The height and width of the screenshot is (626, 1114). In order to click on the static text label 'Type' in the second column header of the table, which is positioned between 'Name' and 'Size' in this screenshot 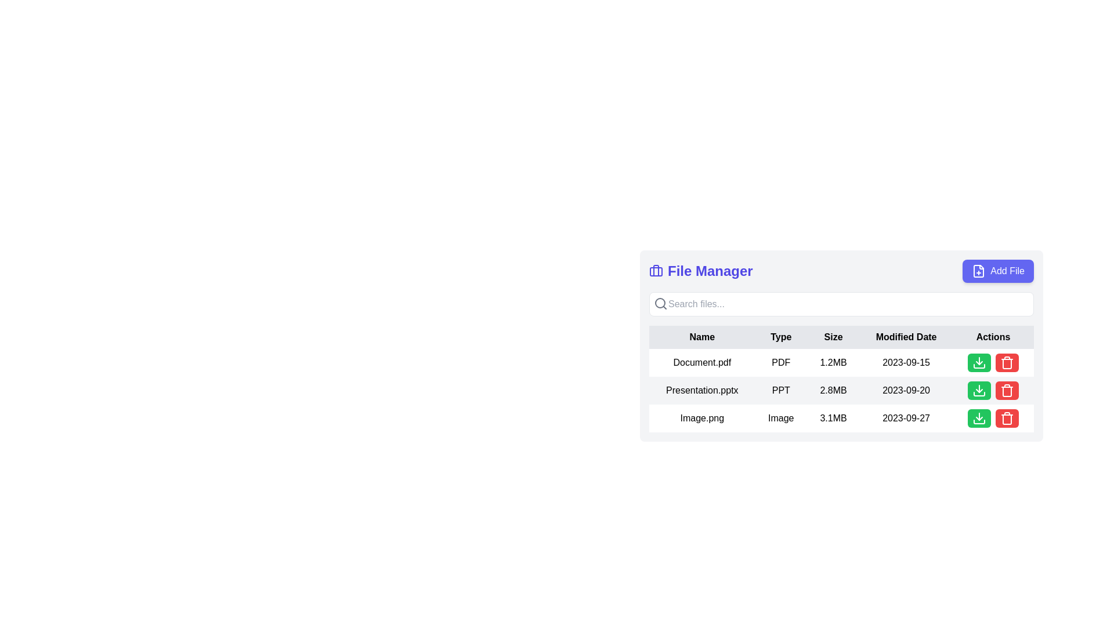, I will do `click(781, 337)`.